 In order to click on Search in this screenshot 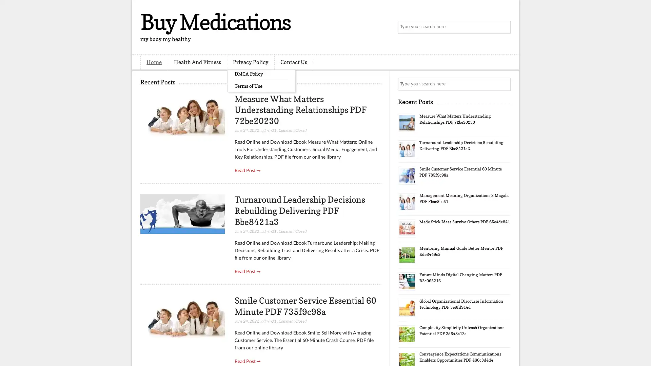, I will do `click(504, 84)`.